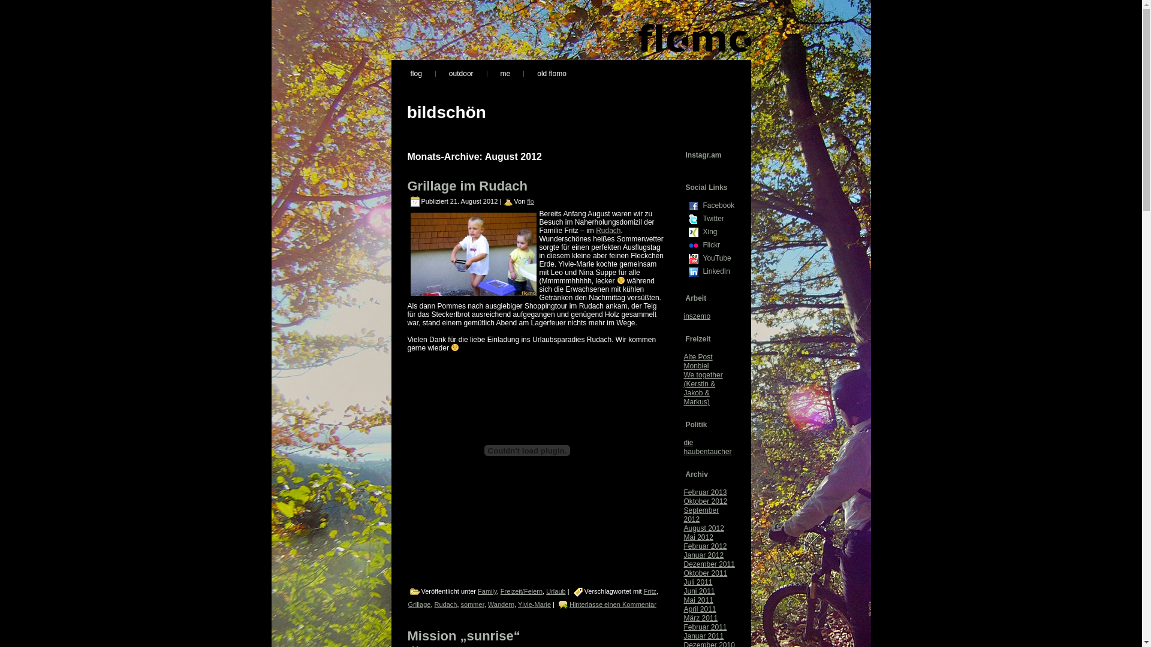 The image size is (1151, 647). I want to click on 'We together (Kerstin & Jakob & Markus)', so click(683, 388).